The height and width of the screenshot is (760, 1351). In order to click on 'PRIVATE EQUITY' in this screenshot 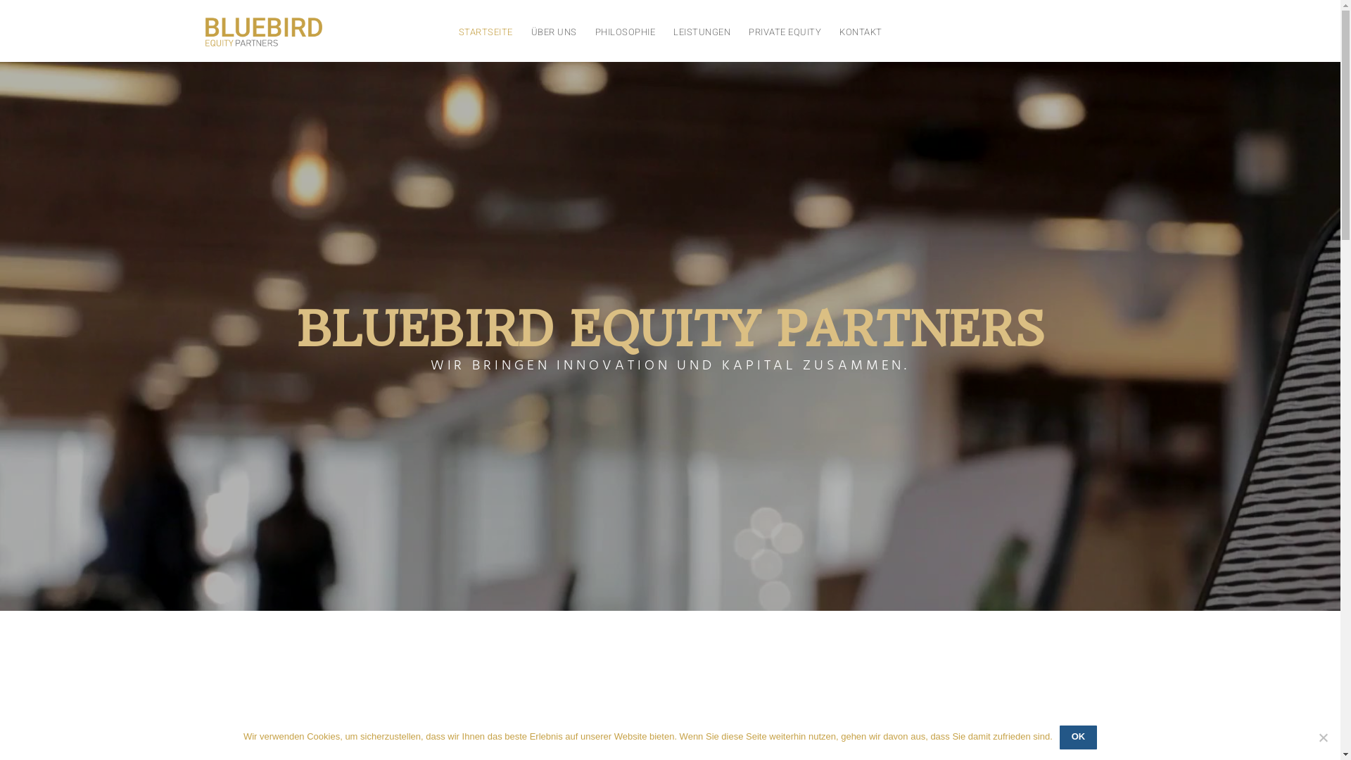, I will do `click(784, 32)`.